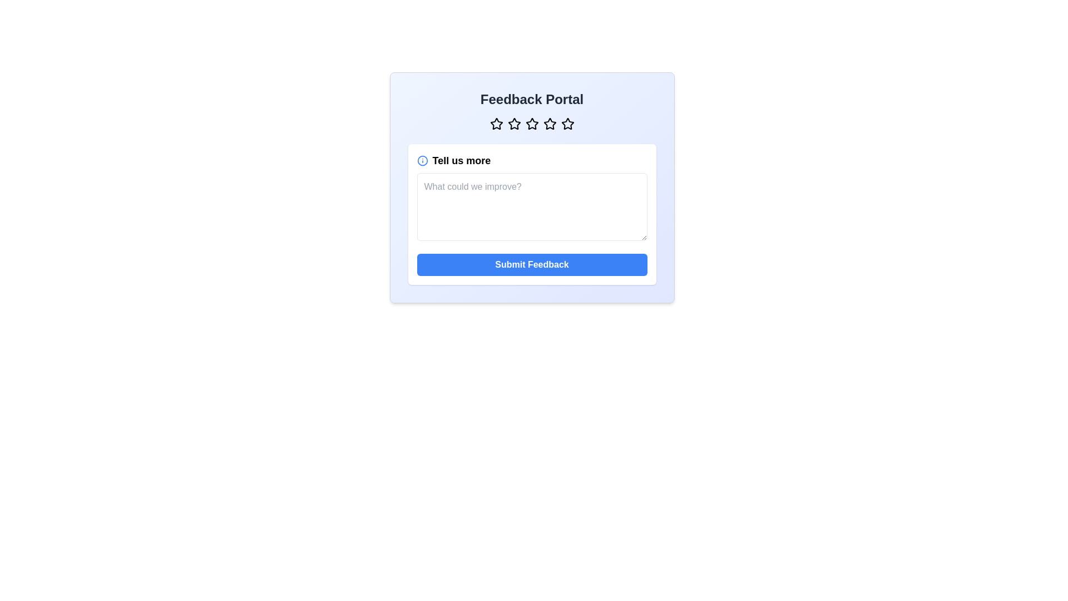 The image size is (1068, 601). Describe the element at coordinates (531, 124) in the screenshot. I see `the third star icon in the horizontal array of five rating stars to rate it` at that location.